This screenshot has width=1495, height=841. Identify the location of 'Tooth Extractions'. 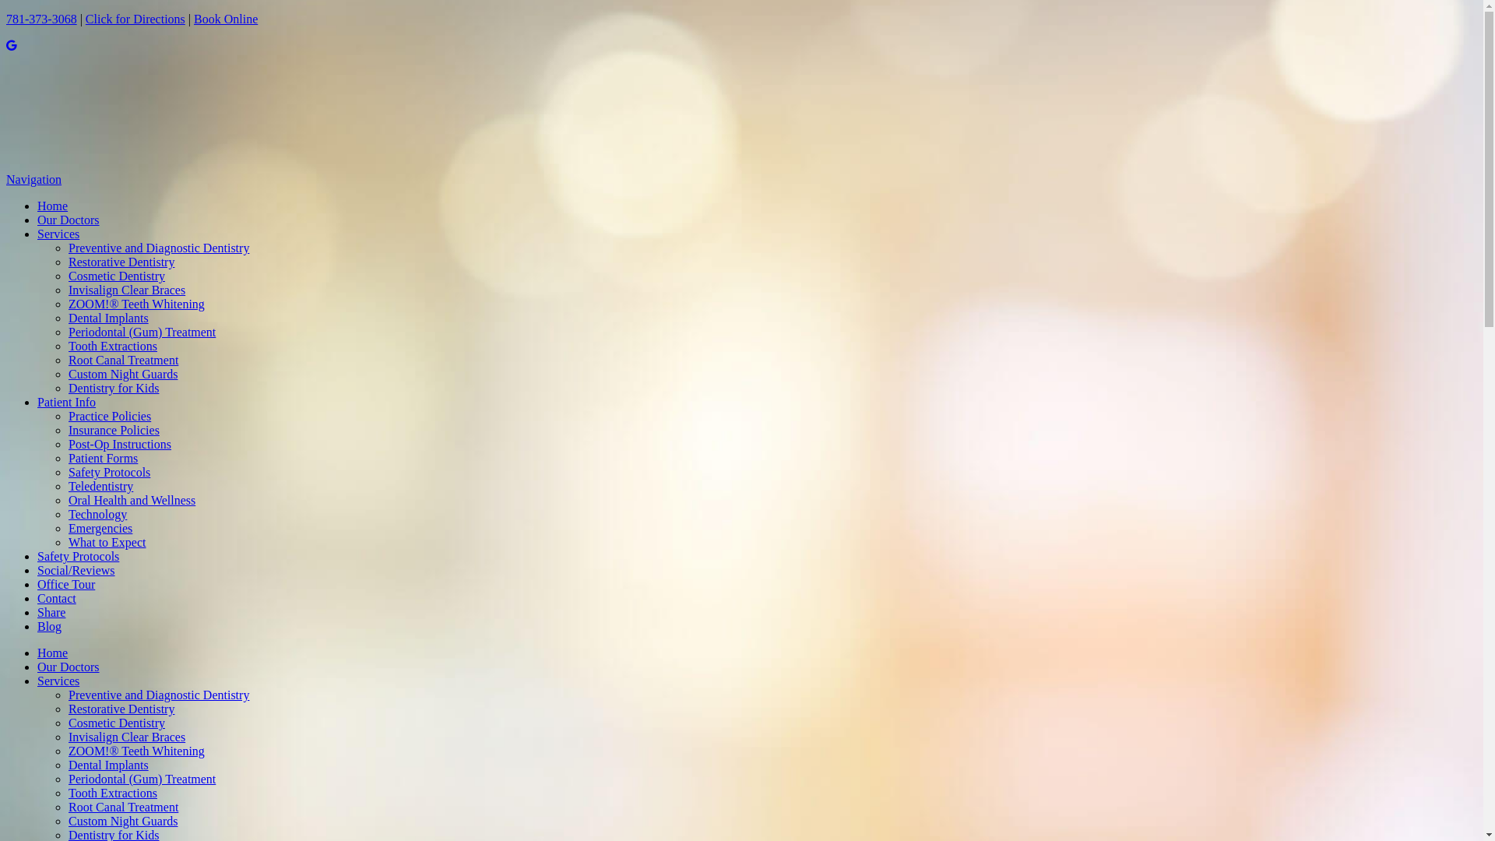
(111, 793).